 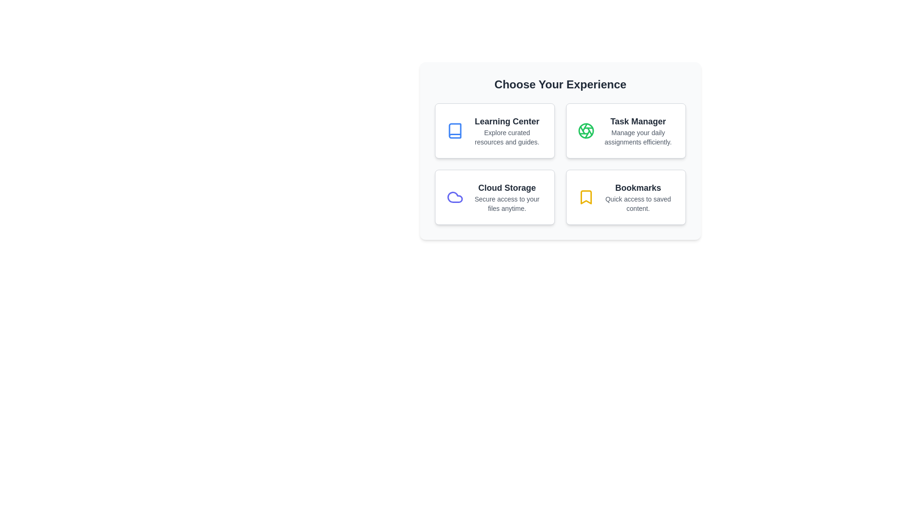 I want to click on the 'Learning Center' text label, which serves as a title in the top-left quadrant of a grid-like arrangement, so click(x=507, y=121).